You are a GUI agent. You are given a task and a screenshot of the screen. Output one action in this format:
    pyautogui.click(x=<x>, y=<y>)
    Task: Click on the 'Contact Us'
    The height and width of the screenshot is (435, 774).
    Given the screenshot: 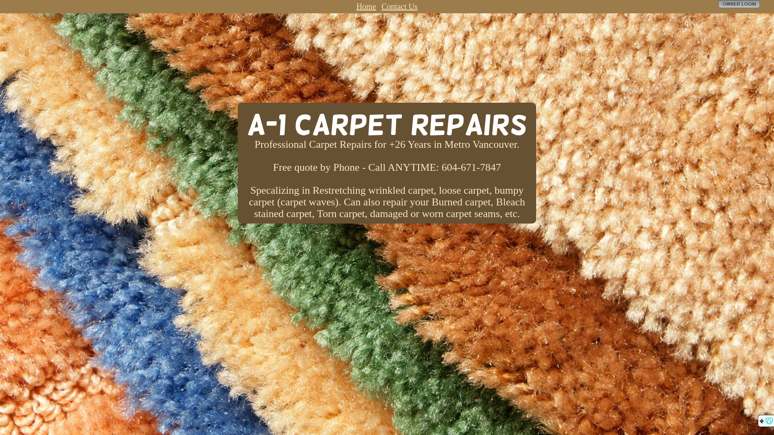 What is the action you would take?
    pyautogui.click(x=399, y=6)
    